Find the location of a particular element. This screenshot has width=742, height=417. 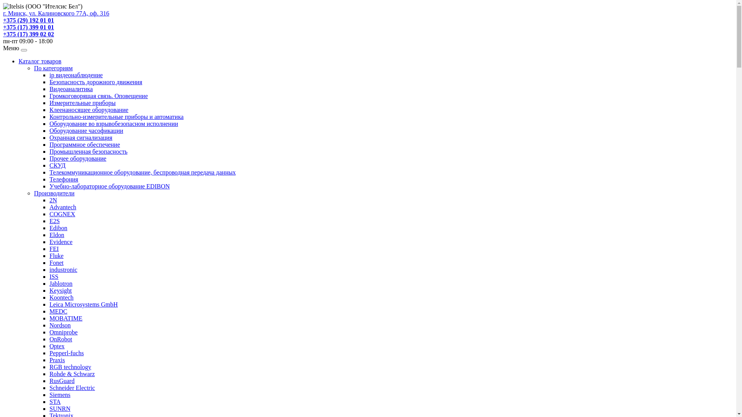

'industronic' is located at coordinates (63, 269).